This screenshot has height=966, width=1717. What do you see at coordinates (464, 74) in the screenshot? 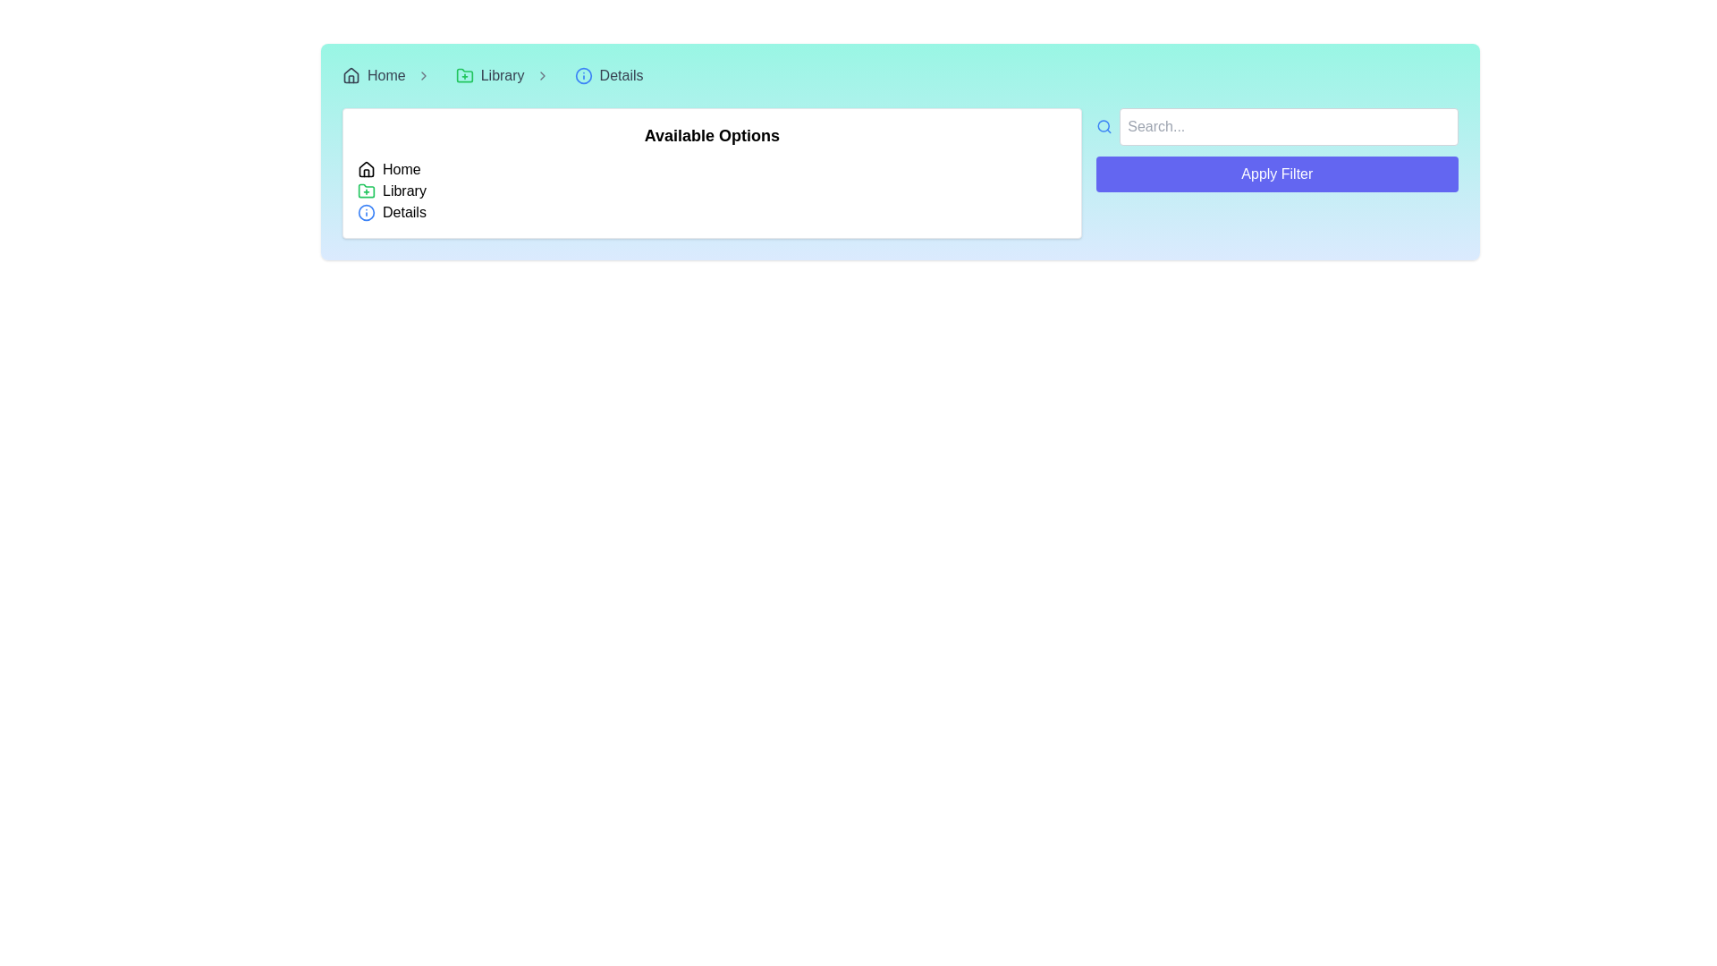
I see `the green folder icon with a plus symbol located next to the 'Library' label in the navigation bar` at bounding box center [464, 74].